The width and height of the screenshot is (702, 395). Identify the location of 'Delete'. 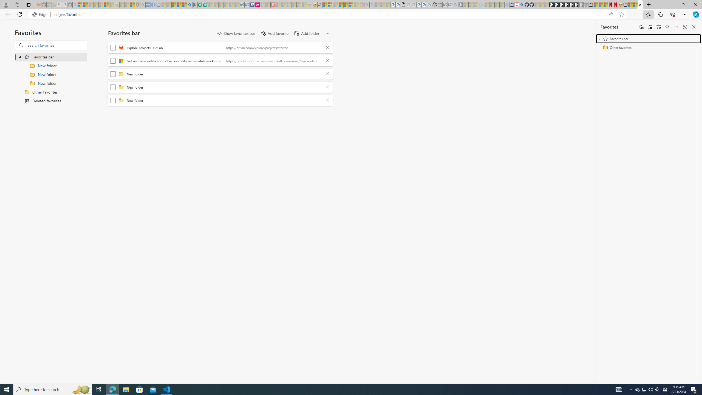
(327, 100).